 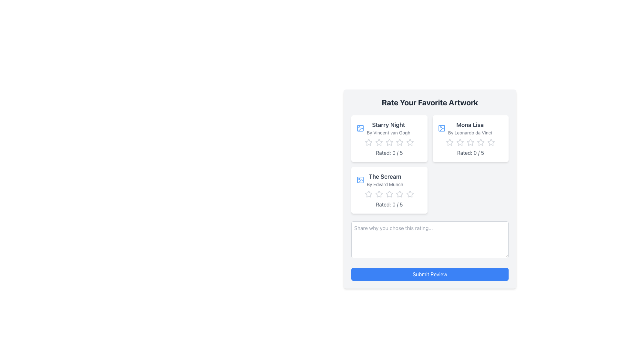 What do you see at coordinates (385, 180) in the screenshot?
I see `text displayed in the second entry of the artwork list, which provides the title and artist information` at bounding box center [385, 180].